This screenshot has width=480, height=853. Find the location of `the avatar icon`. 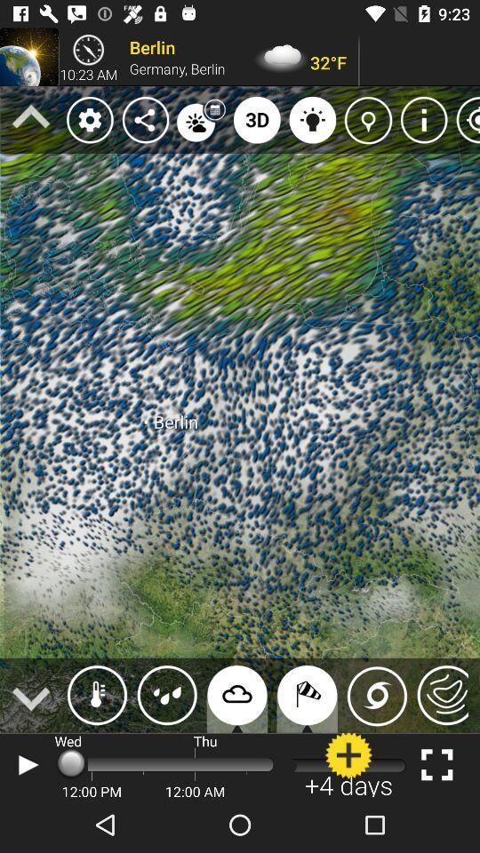

the avatar icon is located at coordinates (348, 763).